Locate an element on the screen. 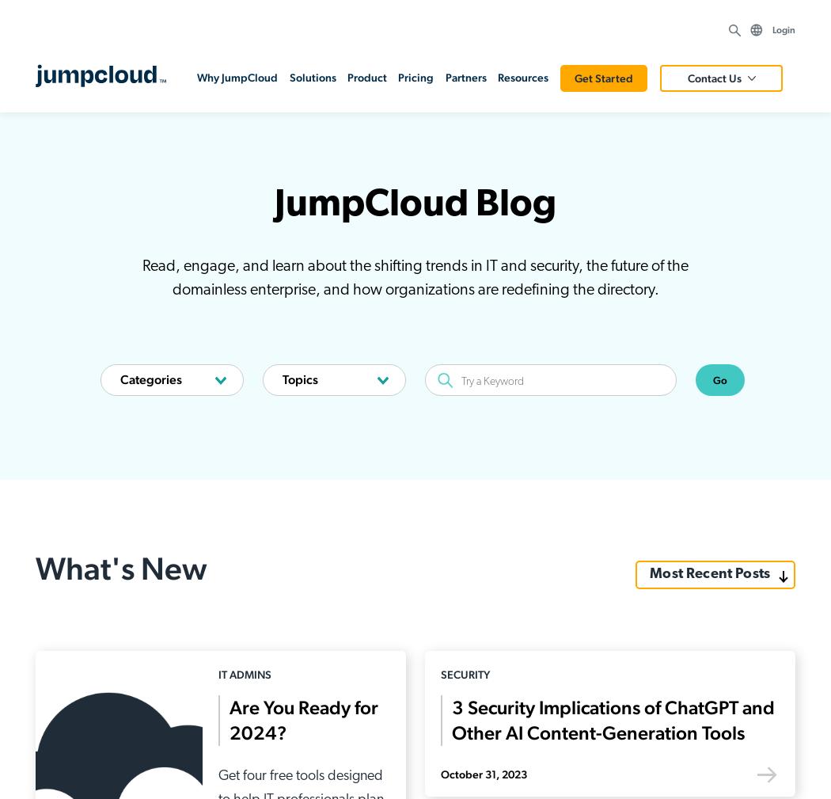 The image size is (831, 799). 'JumpCloud University' is located at coordinates (405, 622).